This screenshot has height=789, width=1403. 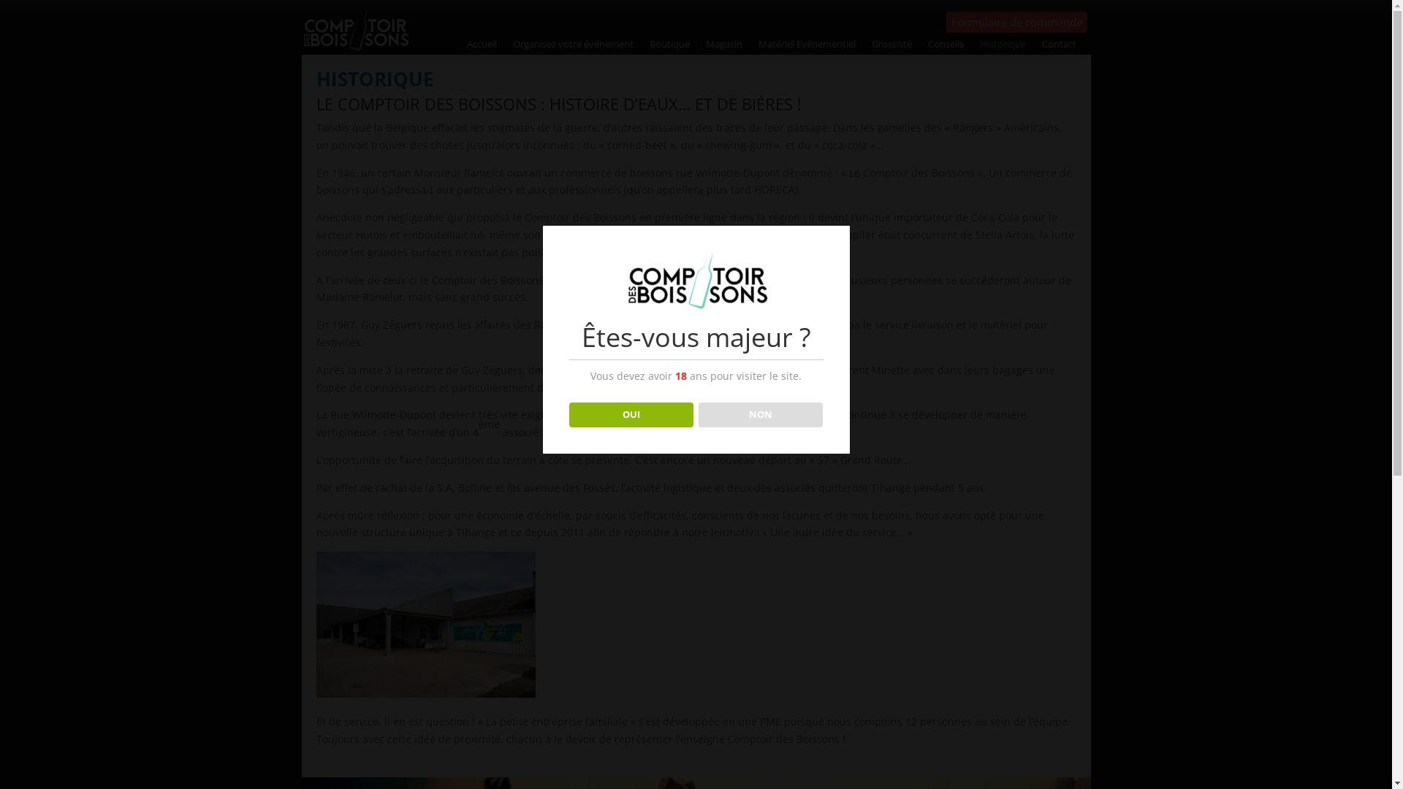 I want to click on 'Historique', so click(x=1002, y=46).